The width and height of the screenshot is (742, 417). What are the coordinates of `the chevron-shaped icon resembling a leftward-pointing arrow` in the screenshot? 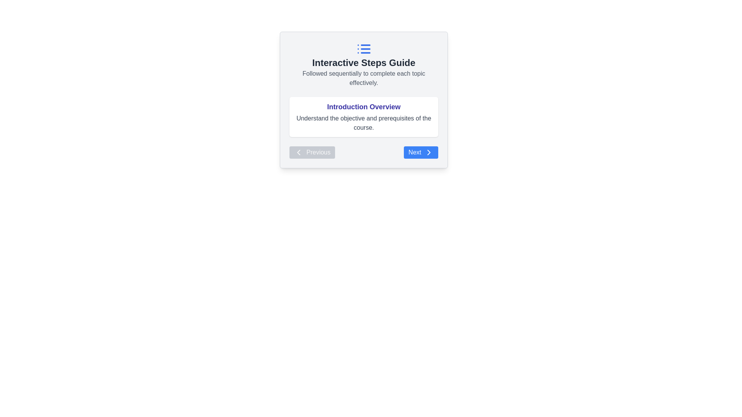 It's located at (298, 152).